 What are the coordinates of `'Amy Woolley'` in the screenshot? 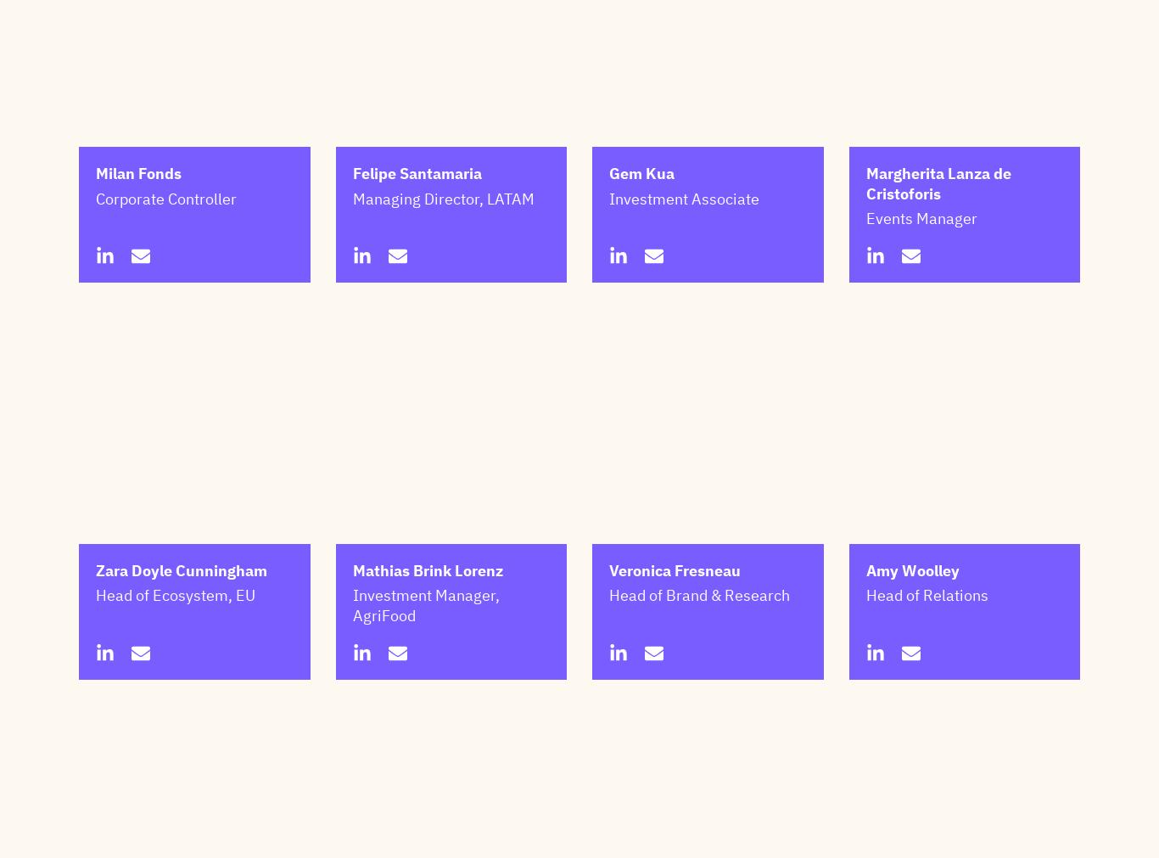 It's located at (911, 653).